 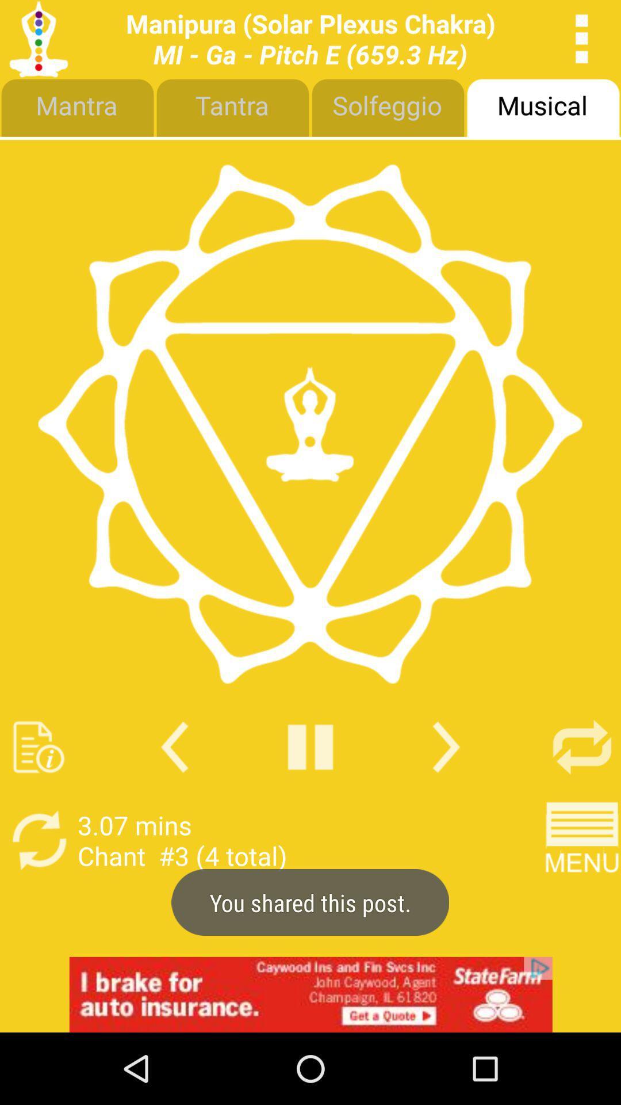 I want to click on the arrow_forward icon, so click(x=446, y=799).